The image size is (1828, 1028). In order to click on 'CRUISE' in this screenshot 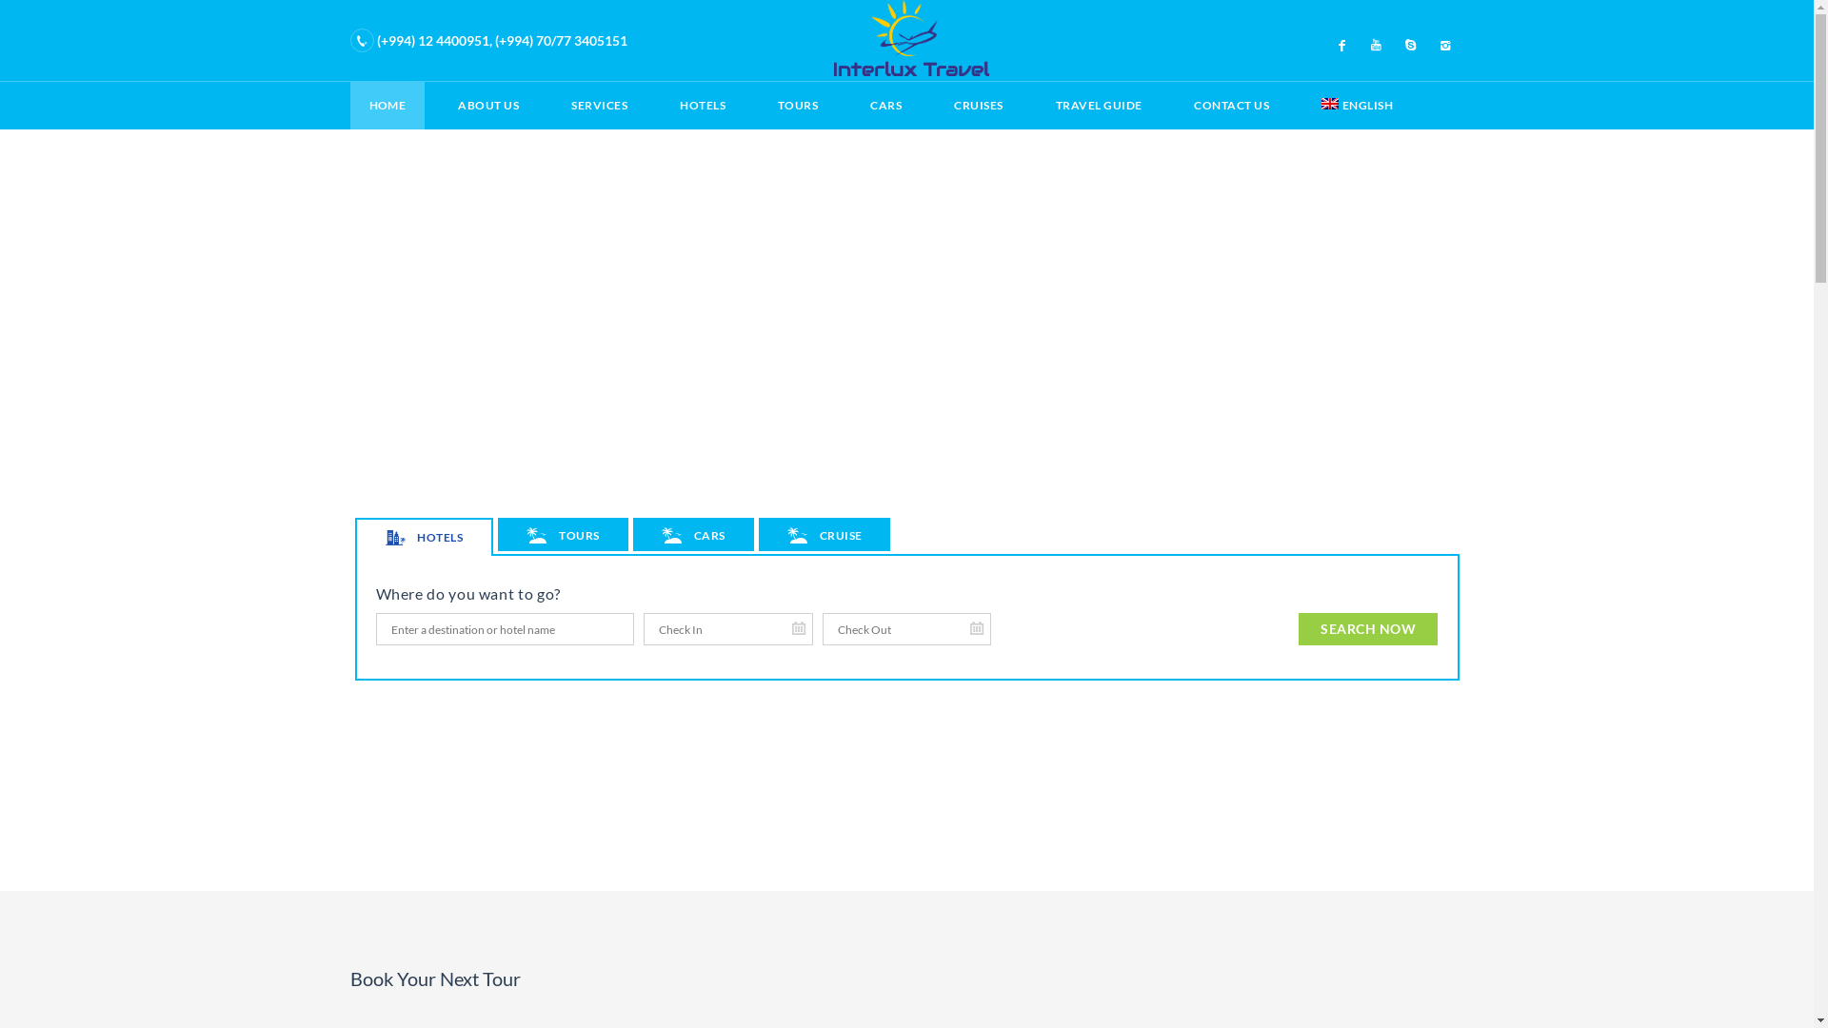, I will do `click(825, 534)`.